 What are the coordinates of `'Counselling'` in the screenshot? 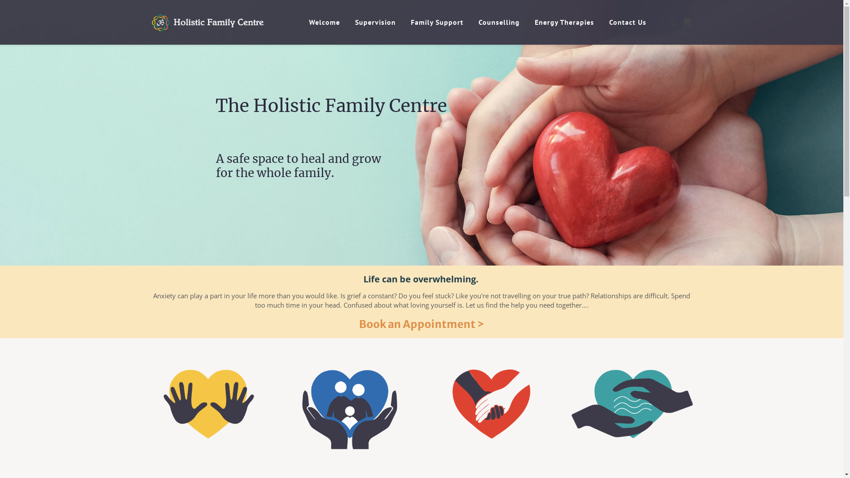 It's located at (500, 22).